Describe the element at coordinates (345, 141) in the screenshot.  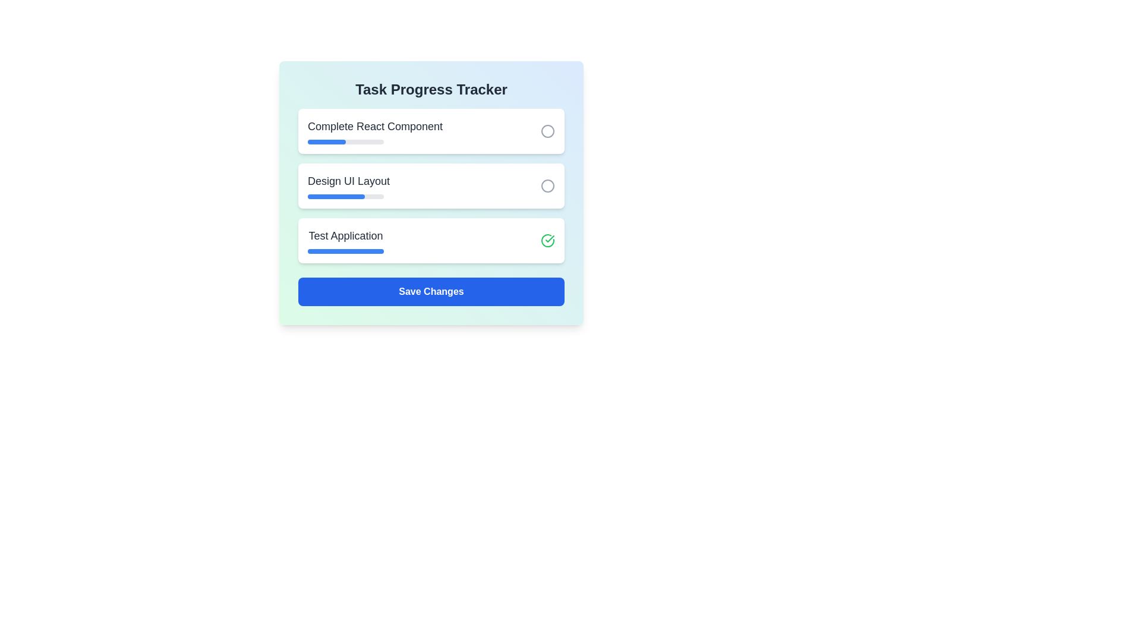
I see `the progress bar of the task to view its progress details` at that location.